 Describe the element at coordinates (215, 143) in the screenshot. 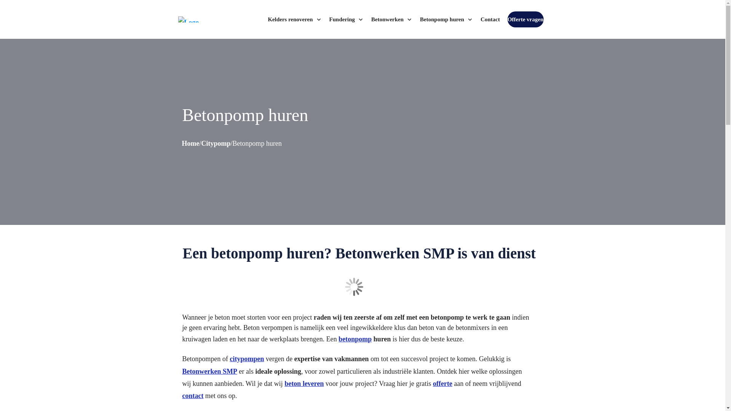

I see `'Citypomp'` at that location.